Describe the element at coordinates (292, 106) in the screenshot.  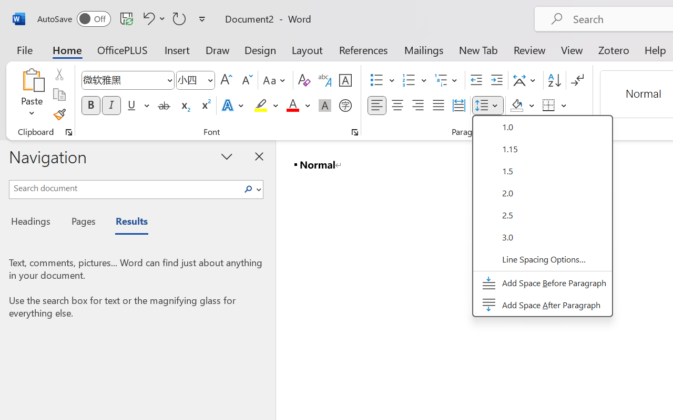
I see `'Font Color Red'` at that location.